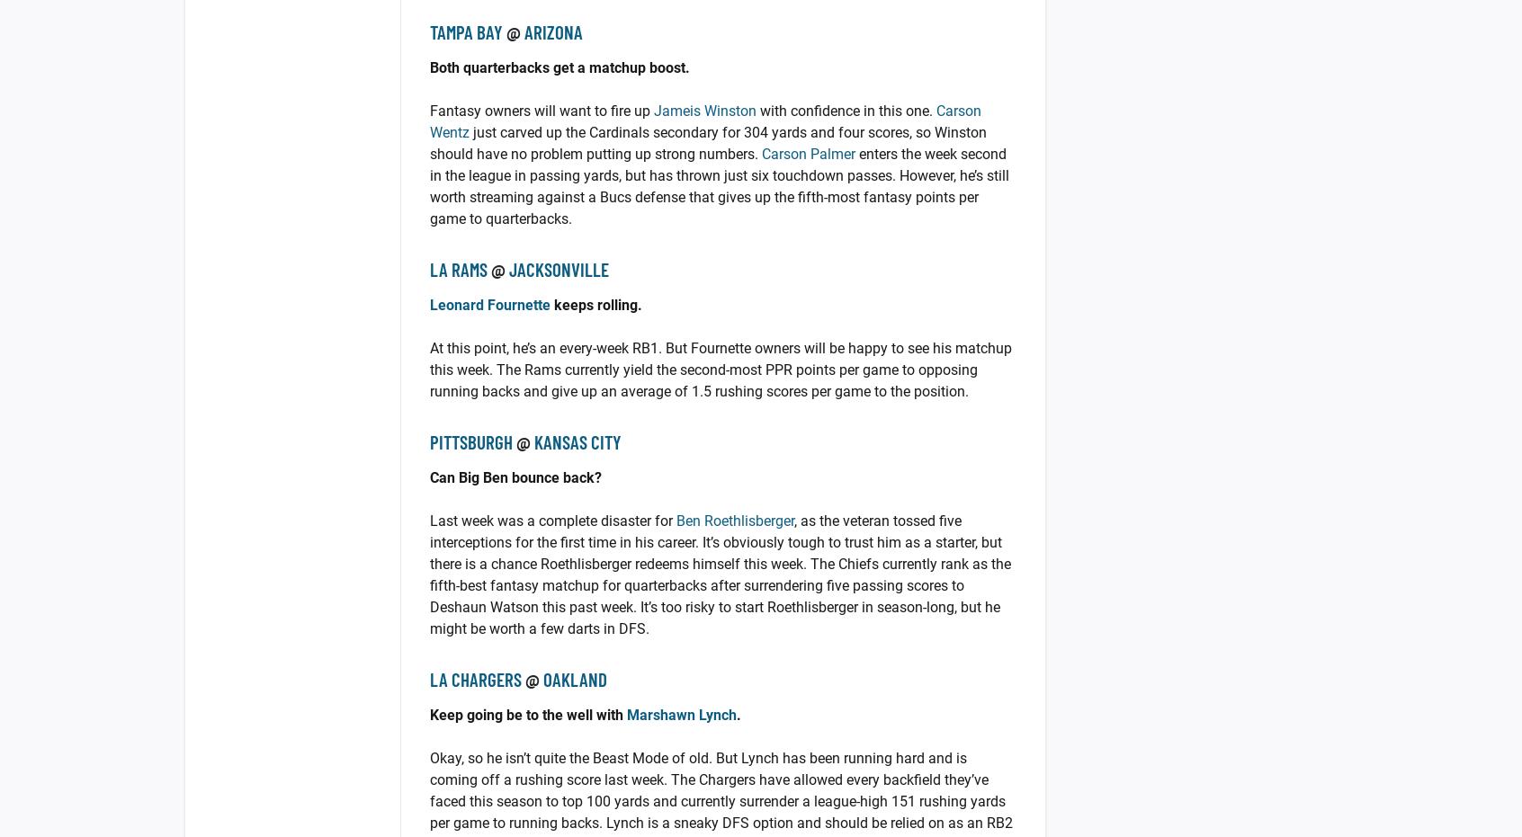 The height and width of the screenshot is (837, 1522). Describe the element at coordinates (577, 441) in the screenshot. I see `'Kansas City'` at that location.